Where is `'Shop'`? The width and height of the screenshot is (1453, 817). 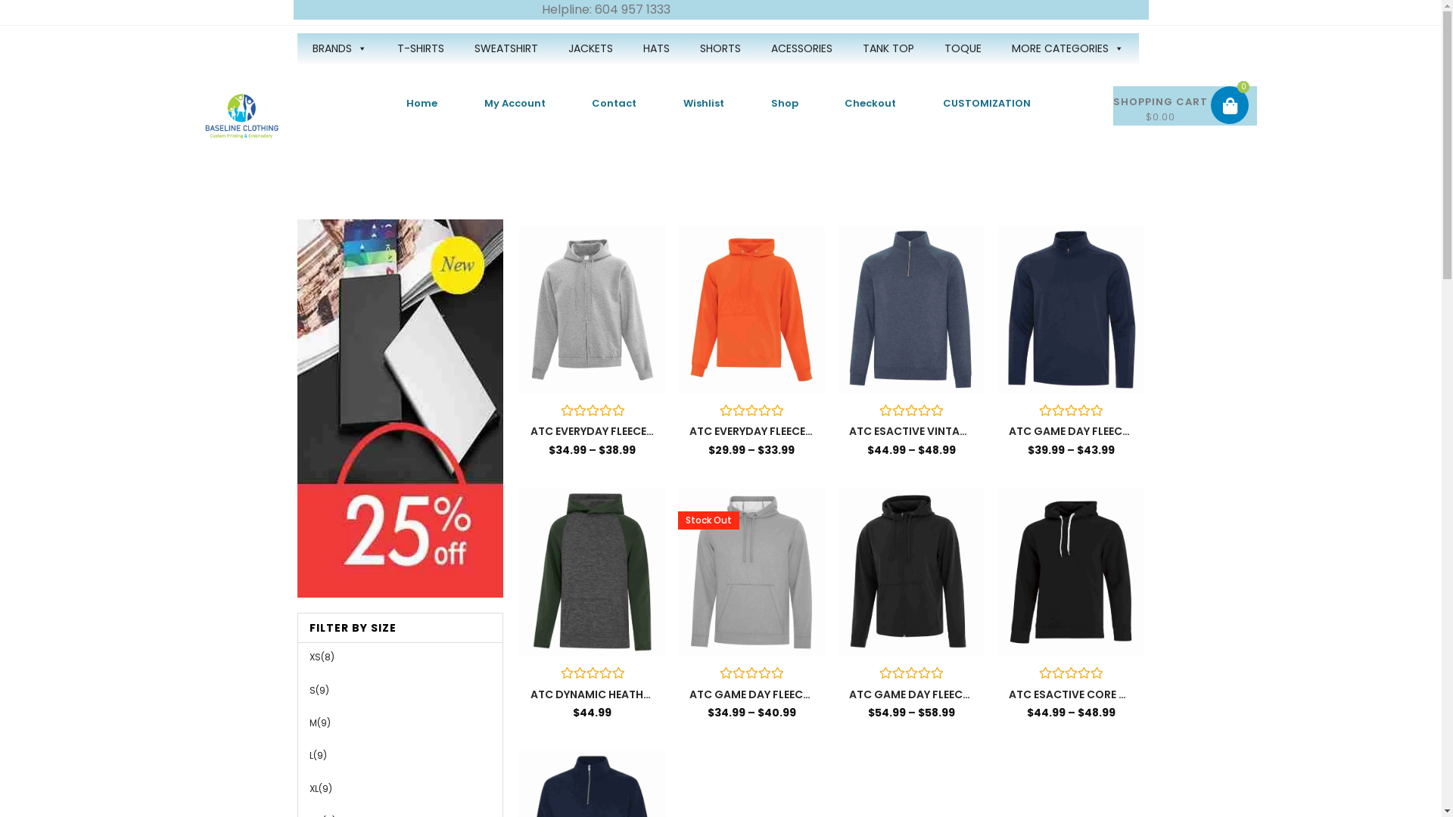 'Shop' is located at coordinates (784, 103).